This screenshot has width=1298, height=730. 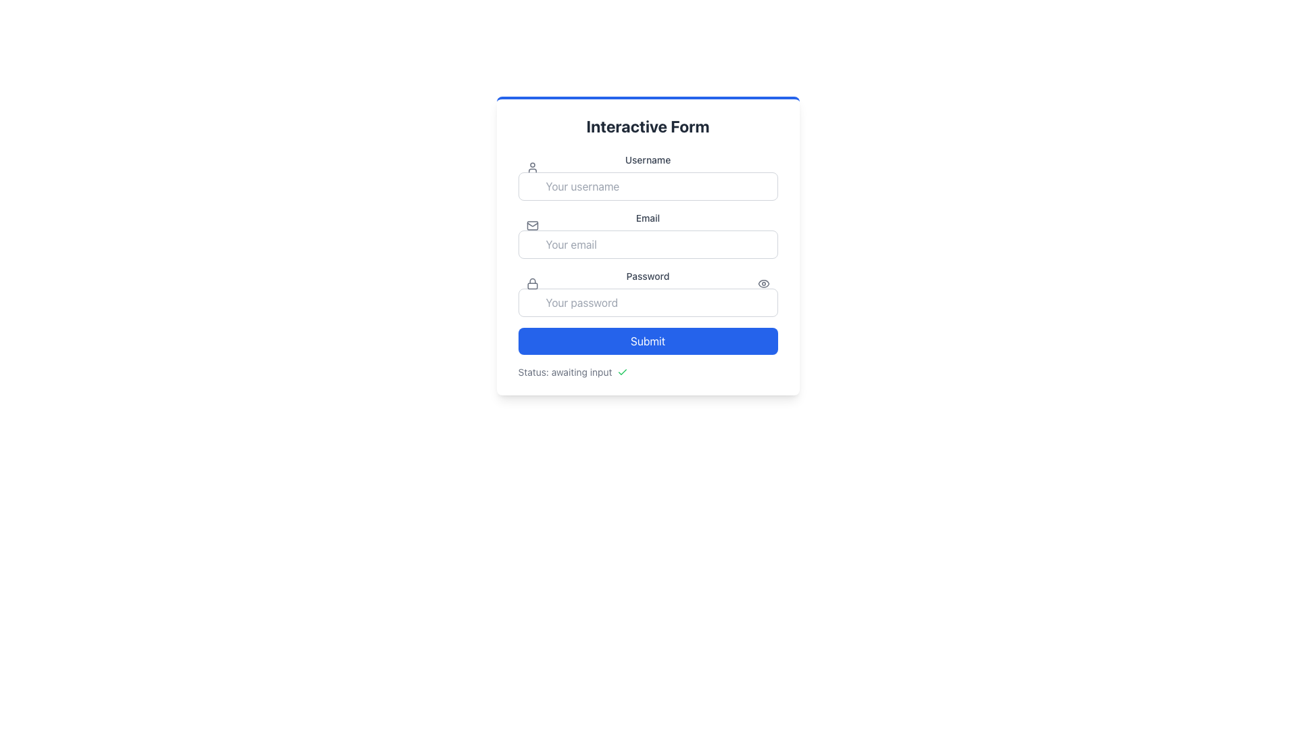 What do you see at coordinates (647, 275) in the screenshot?
I see `the 'Password' label, which is a medium-sized, gray-colored text displayed above the password input field in the bottom half of the form` at bounding box center [647, 275].